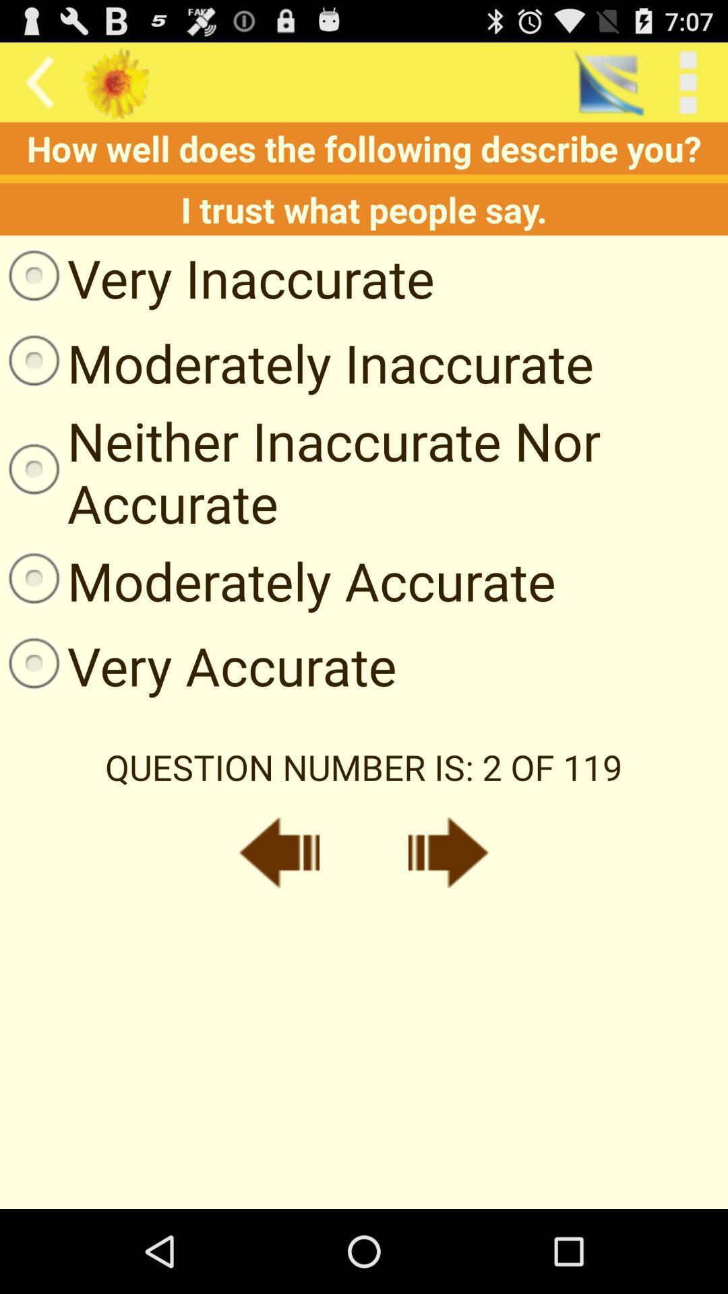  I want to click on item next to the < back item, so click(608, 82).